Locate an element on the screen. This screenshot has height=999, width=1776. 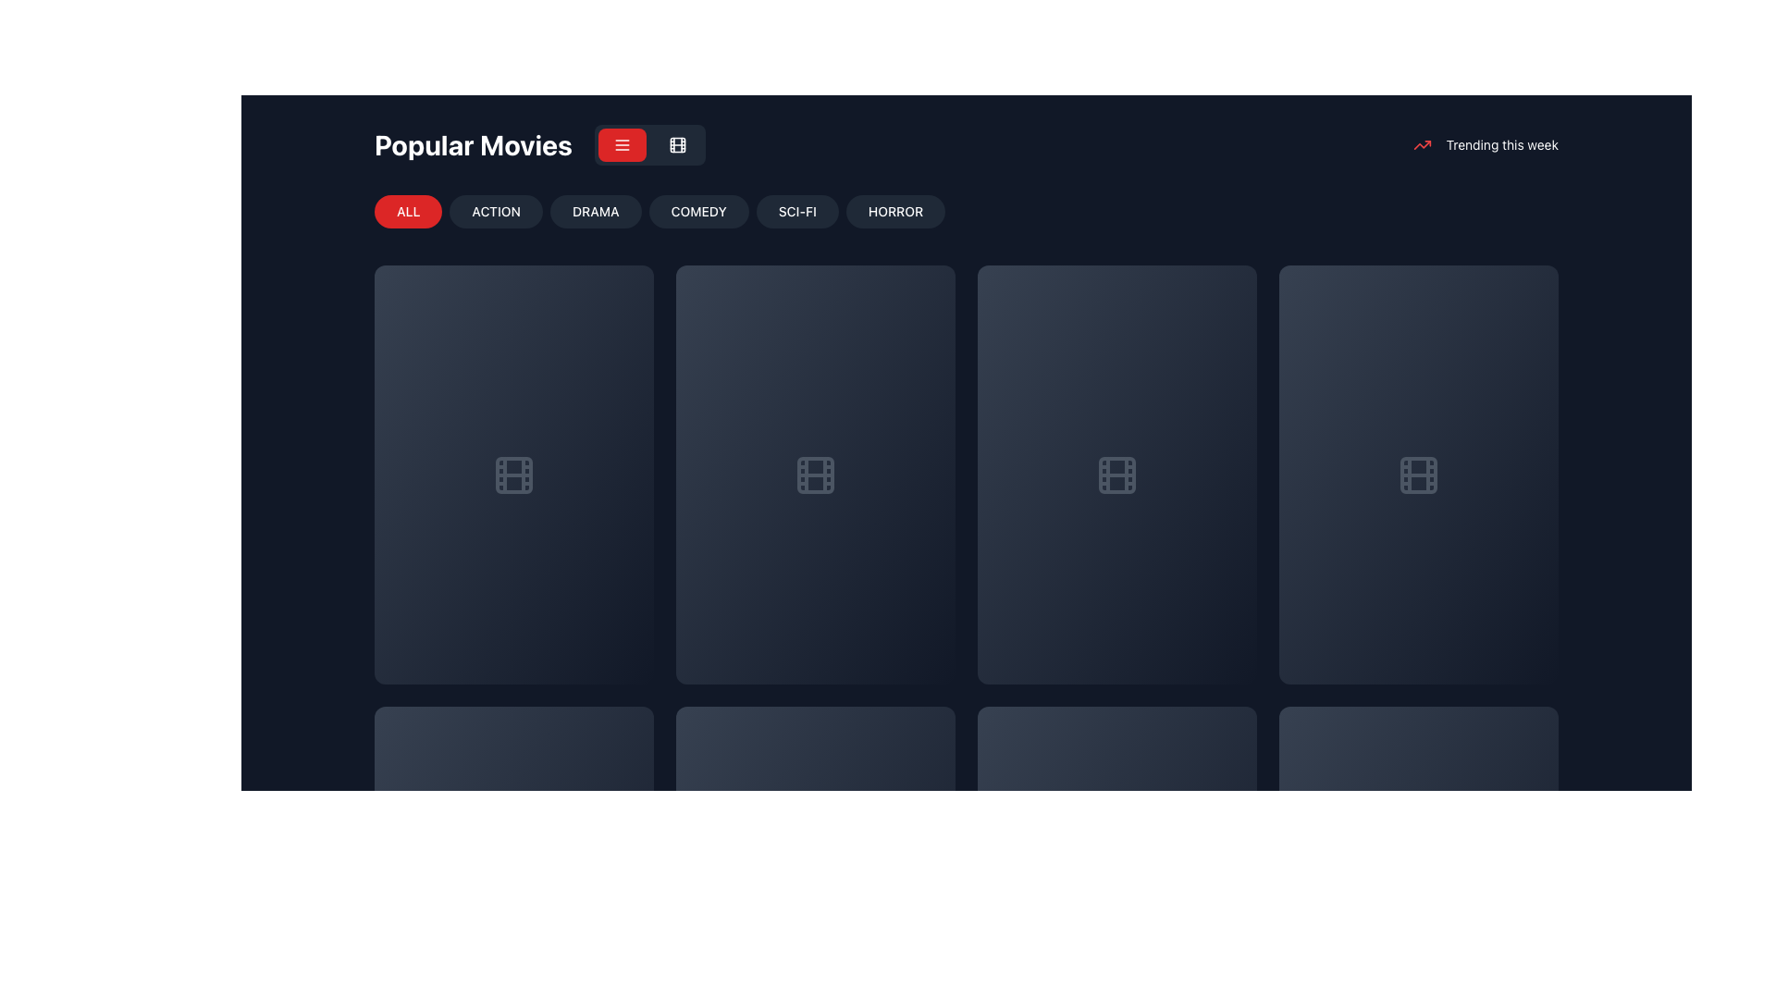
the film or video reel icon located on the right side of a group of two icons in the top navigation bar to trigger a tooltip or visual feedback is located at coordinates (677, 144).